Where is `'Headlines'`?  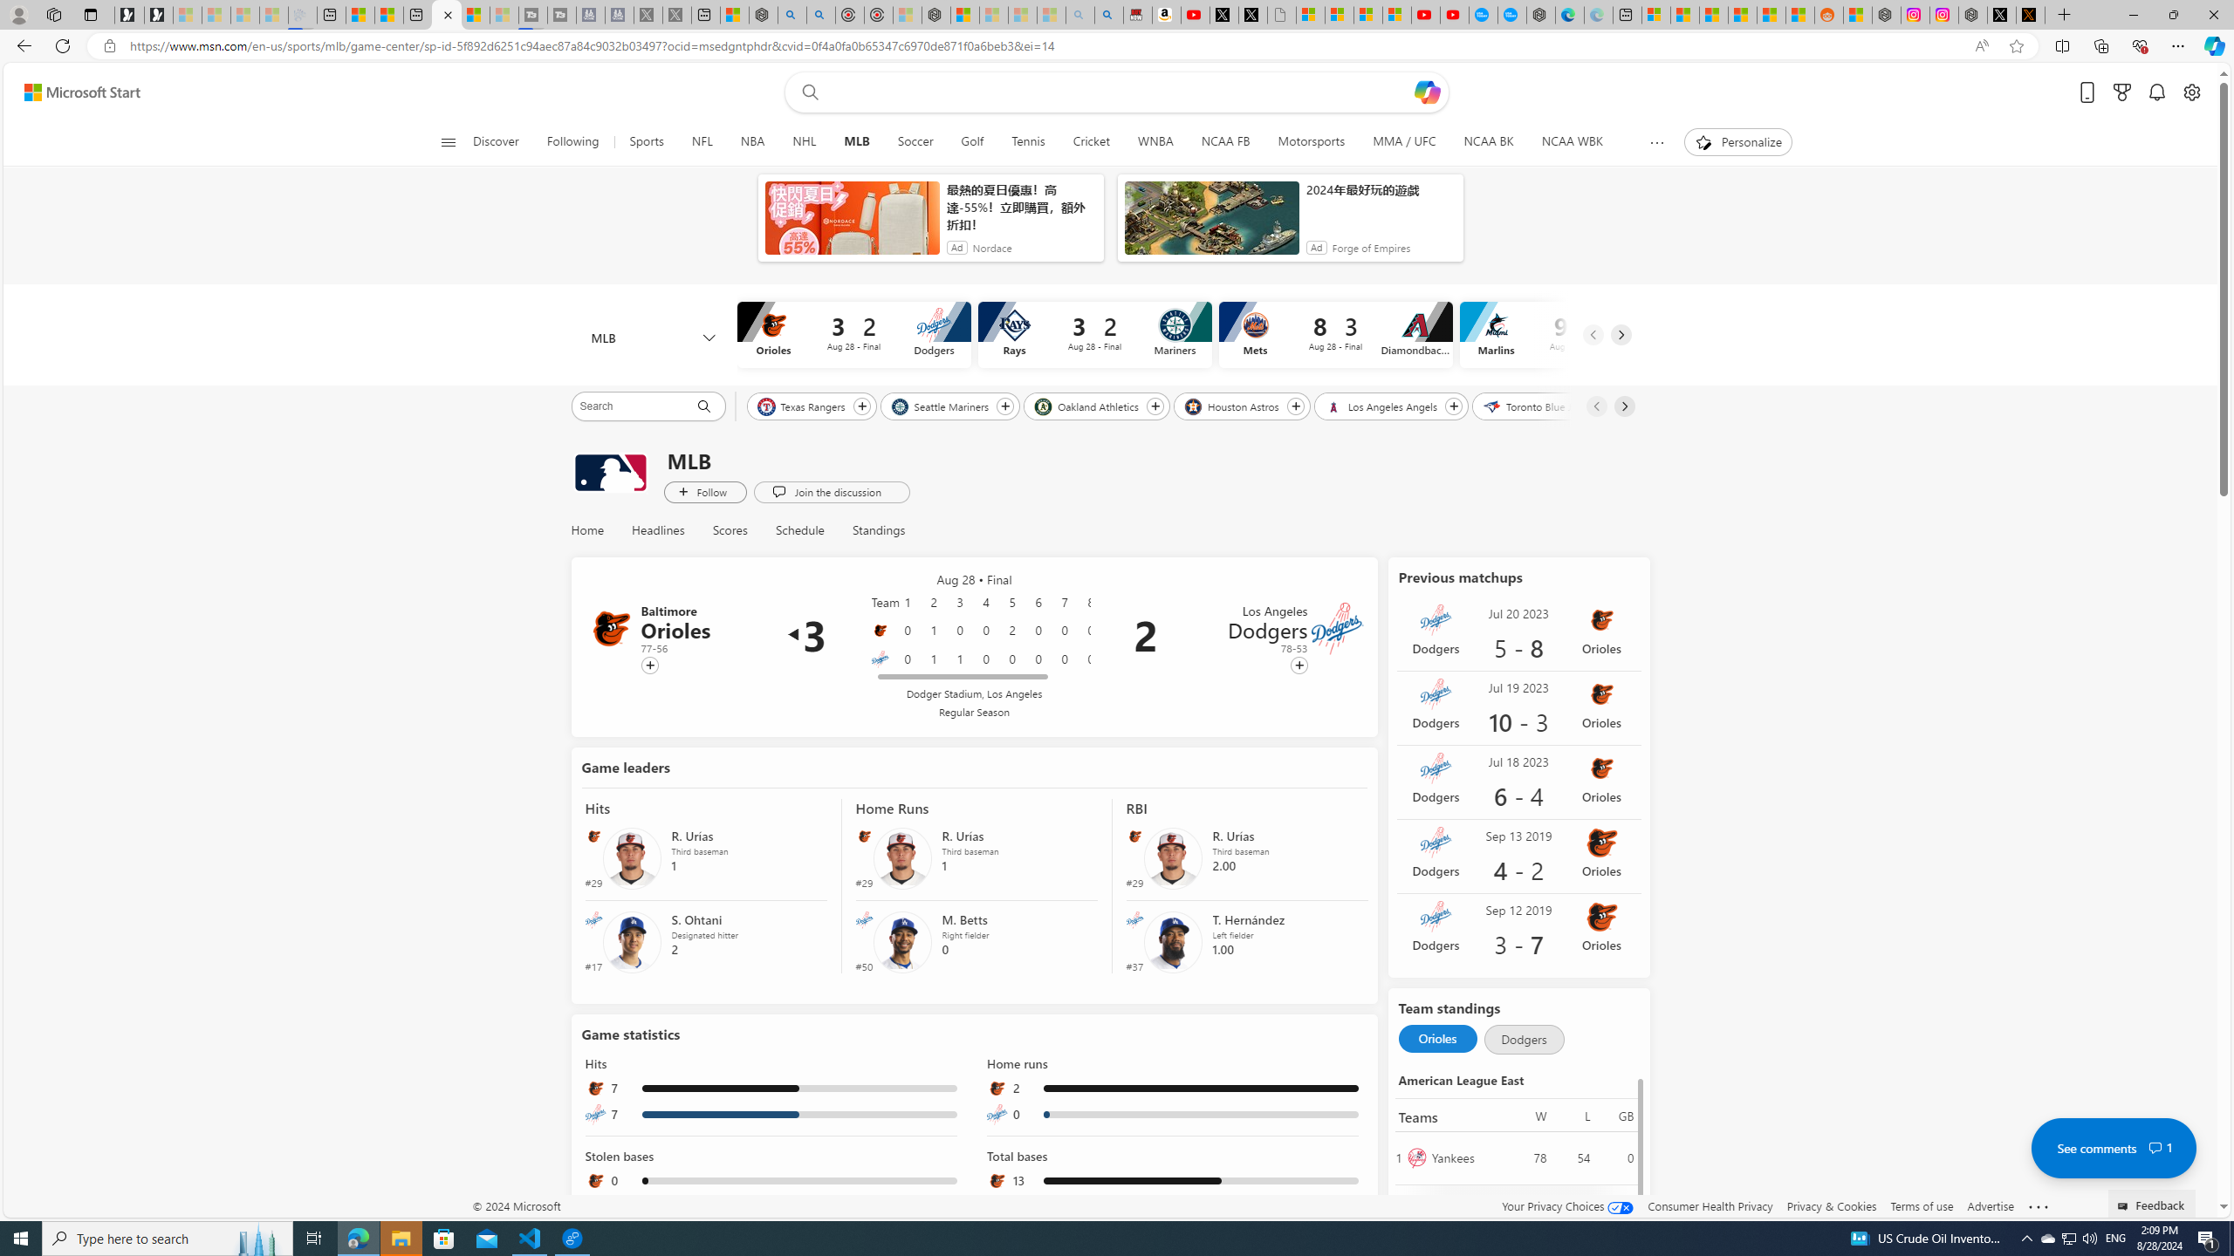 'Headlines' is located at coordinates (658, 530).